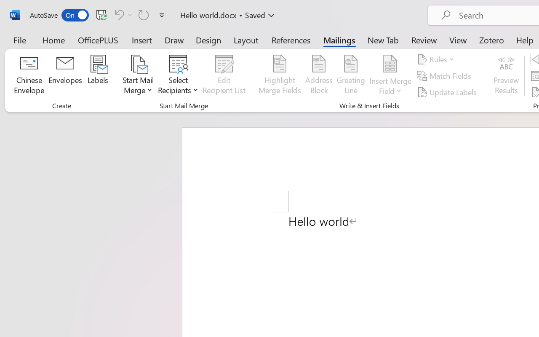 The height and width of the screenshot is (337, 539). I want to click on 'Layout', so click(245, 40).